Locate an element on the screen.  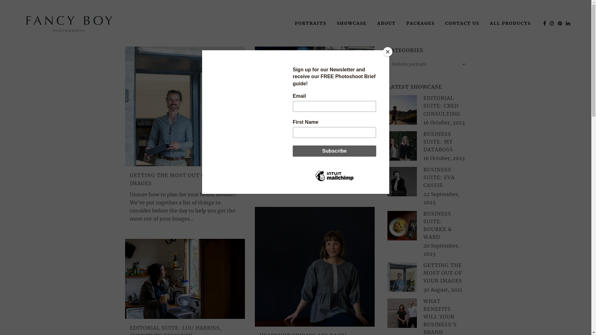
'Editorial Suite: Lou Harriss, Furniture Designer' is located at coordinates (184, 278).